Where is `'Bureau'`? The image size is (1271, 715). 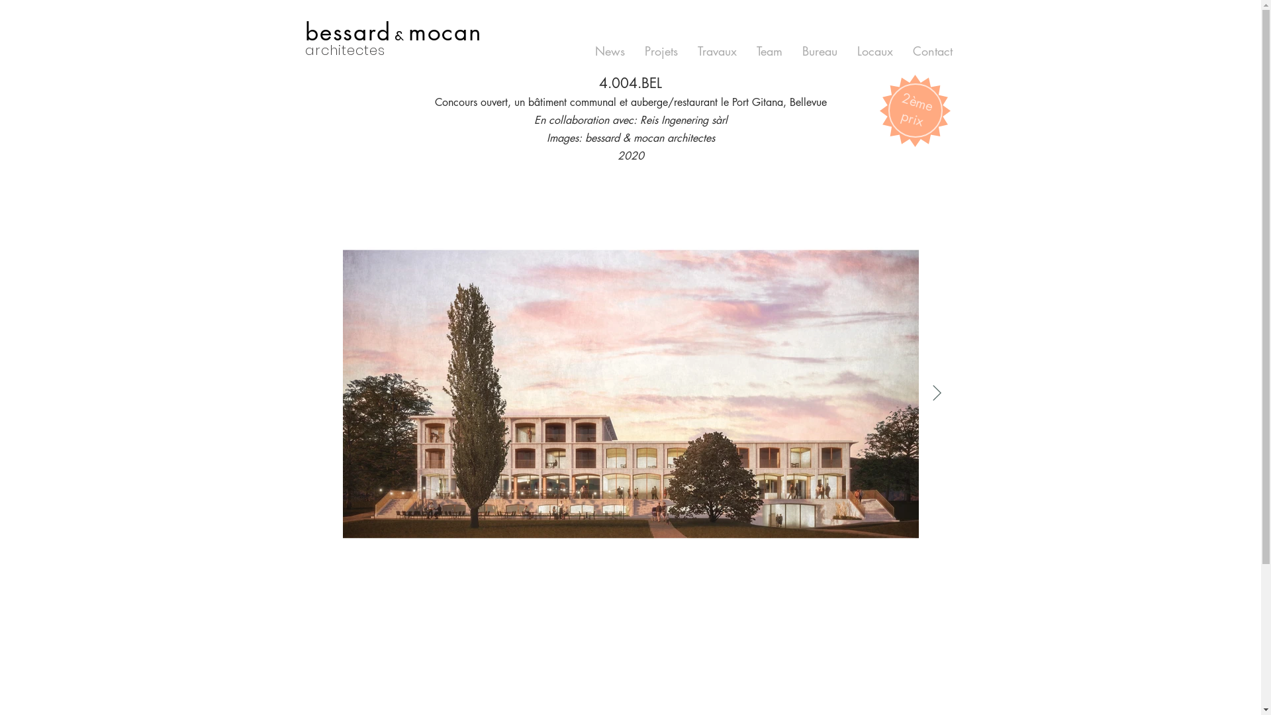 'Bureau' is located at coordinates (819, 50).